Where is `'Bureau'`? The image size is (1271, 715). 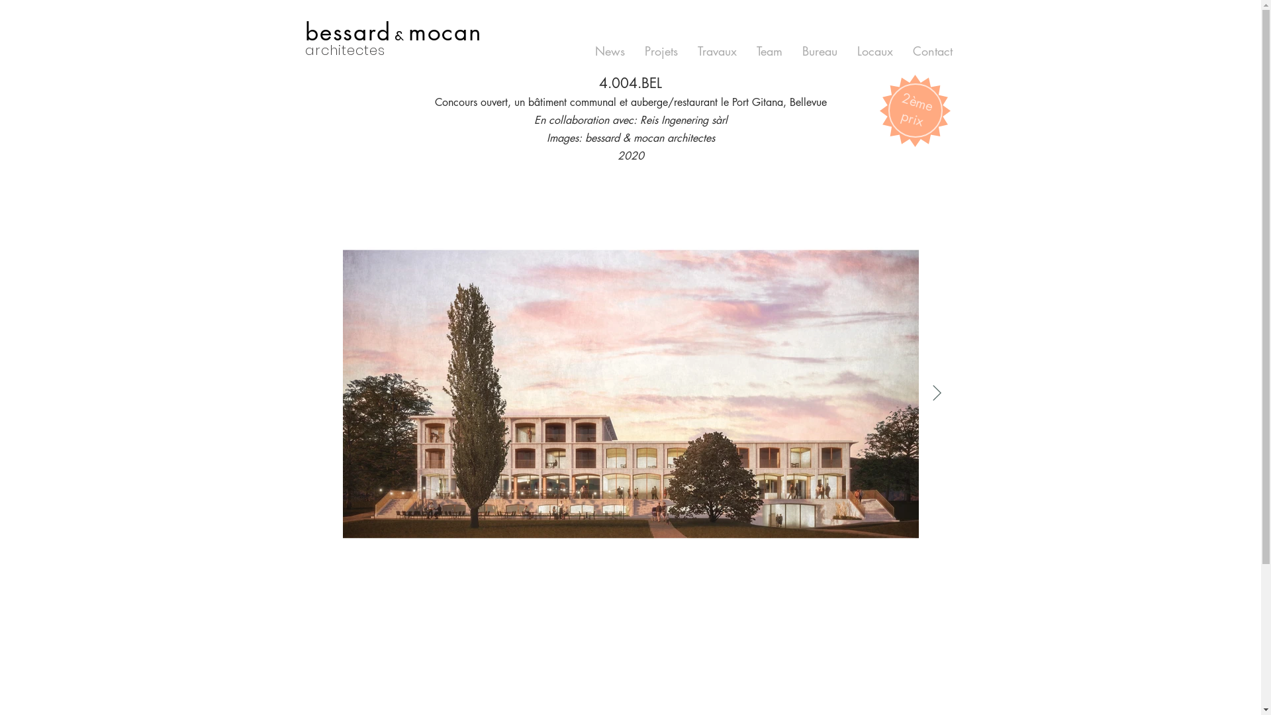 'Bureau' is located at coordinates (819, 50).